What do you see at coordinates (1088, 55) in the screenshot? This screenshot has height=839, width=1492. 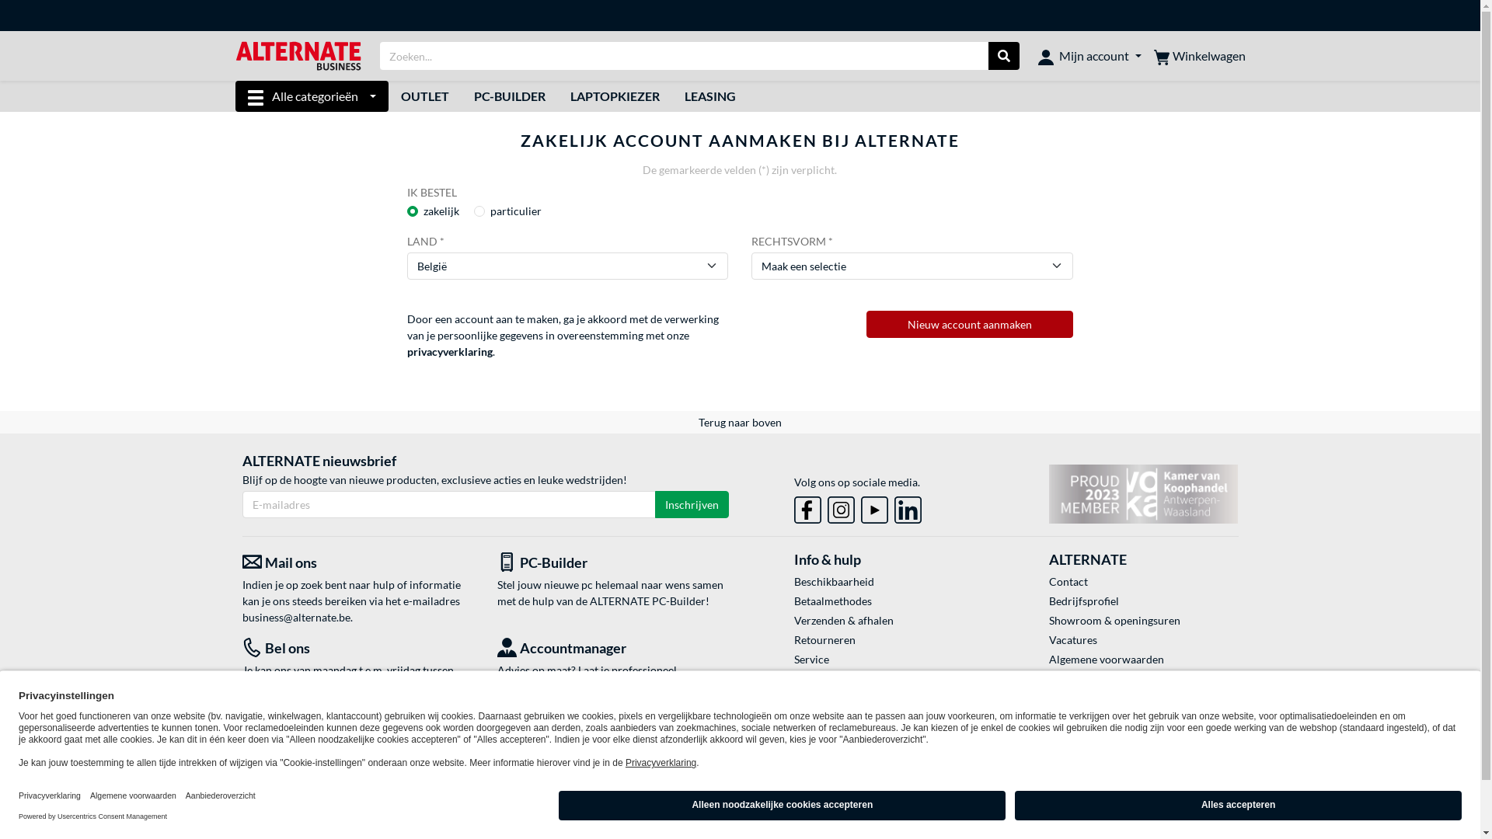 I see `'Mijn account'` at bounding box center [1088, 55].